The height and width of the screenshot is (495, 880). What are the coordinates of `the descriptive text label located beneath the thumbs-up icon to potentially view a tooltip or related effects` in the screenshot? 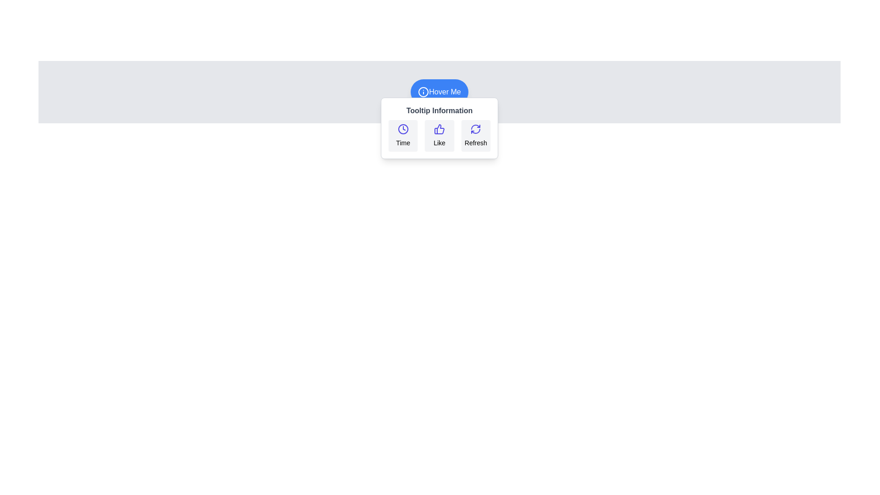 It's located at (439, 143).